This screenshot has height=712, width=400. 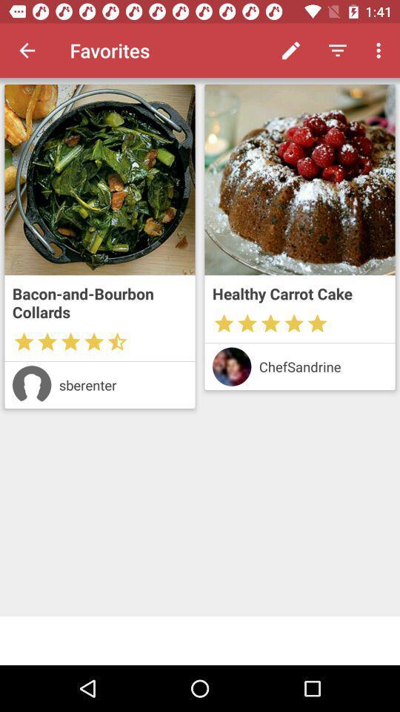 What do you see at coordinates (322, 366) in the screenshot?
I see `the chefsandrine` at bounding box center [322, 366].